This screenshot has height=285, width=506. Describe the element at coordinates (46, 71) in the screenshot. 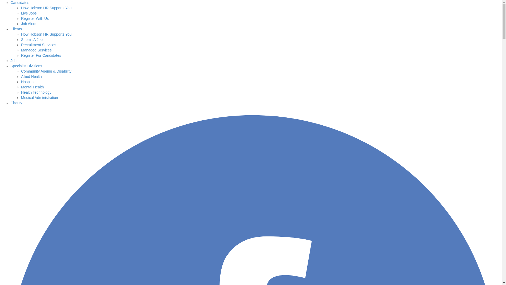

I see `'Community Ageing & Disability'` at that location.